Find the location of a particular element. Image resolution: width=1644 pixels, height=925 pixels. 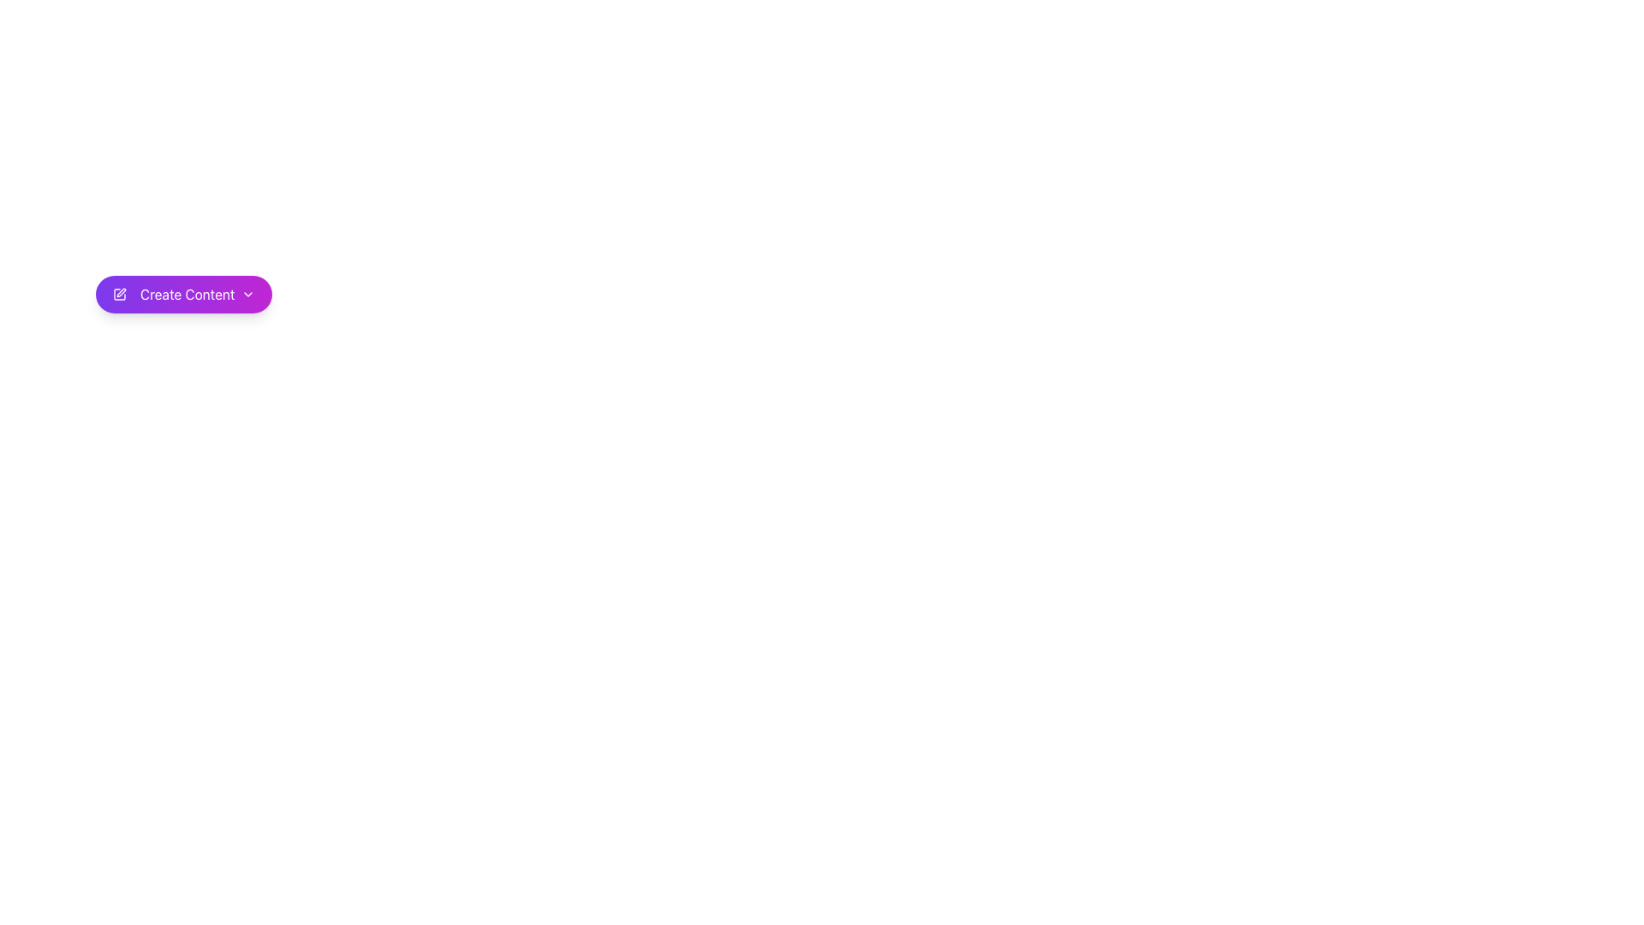

the small square icon located on the left side of the purple button labeled 'Create Content' is located at coordinates (118, 293).